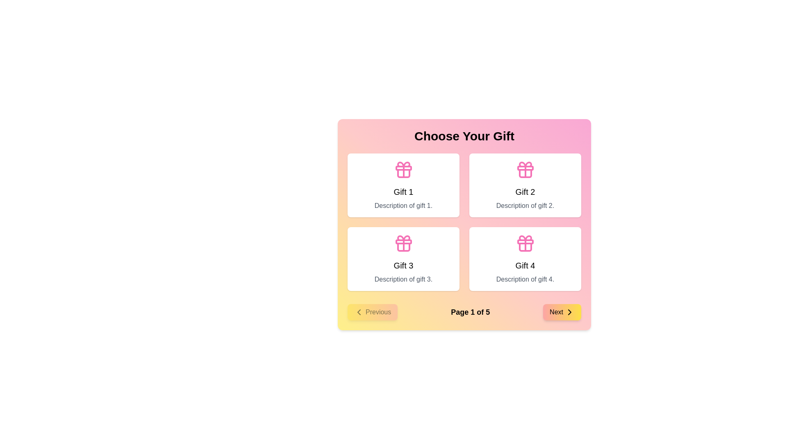 This screenshot has width=787, height=442. What do you see at coordinates (525, 205) in the screenshot?
I see `text from the Text Label that describes the gift item 'Gift 2', located at the bottom of the card and centered horizontally` at bounding box center [525, 205].